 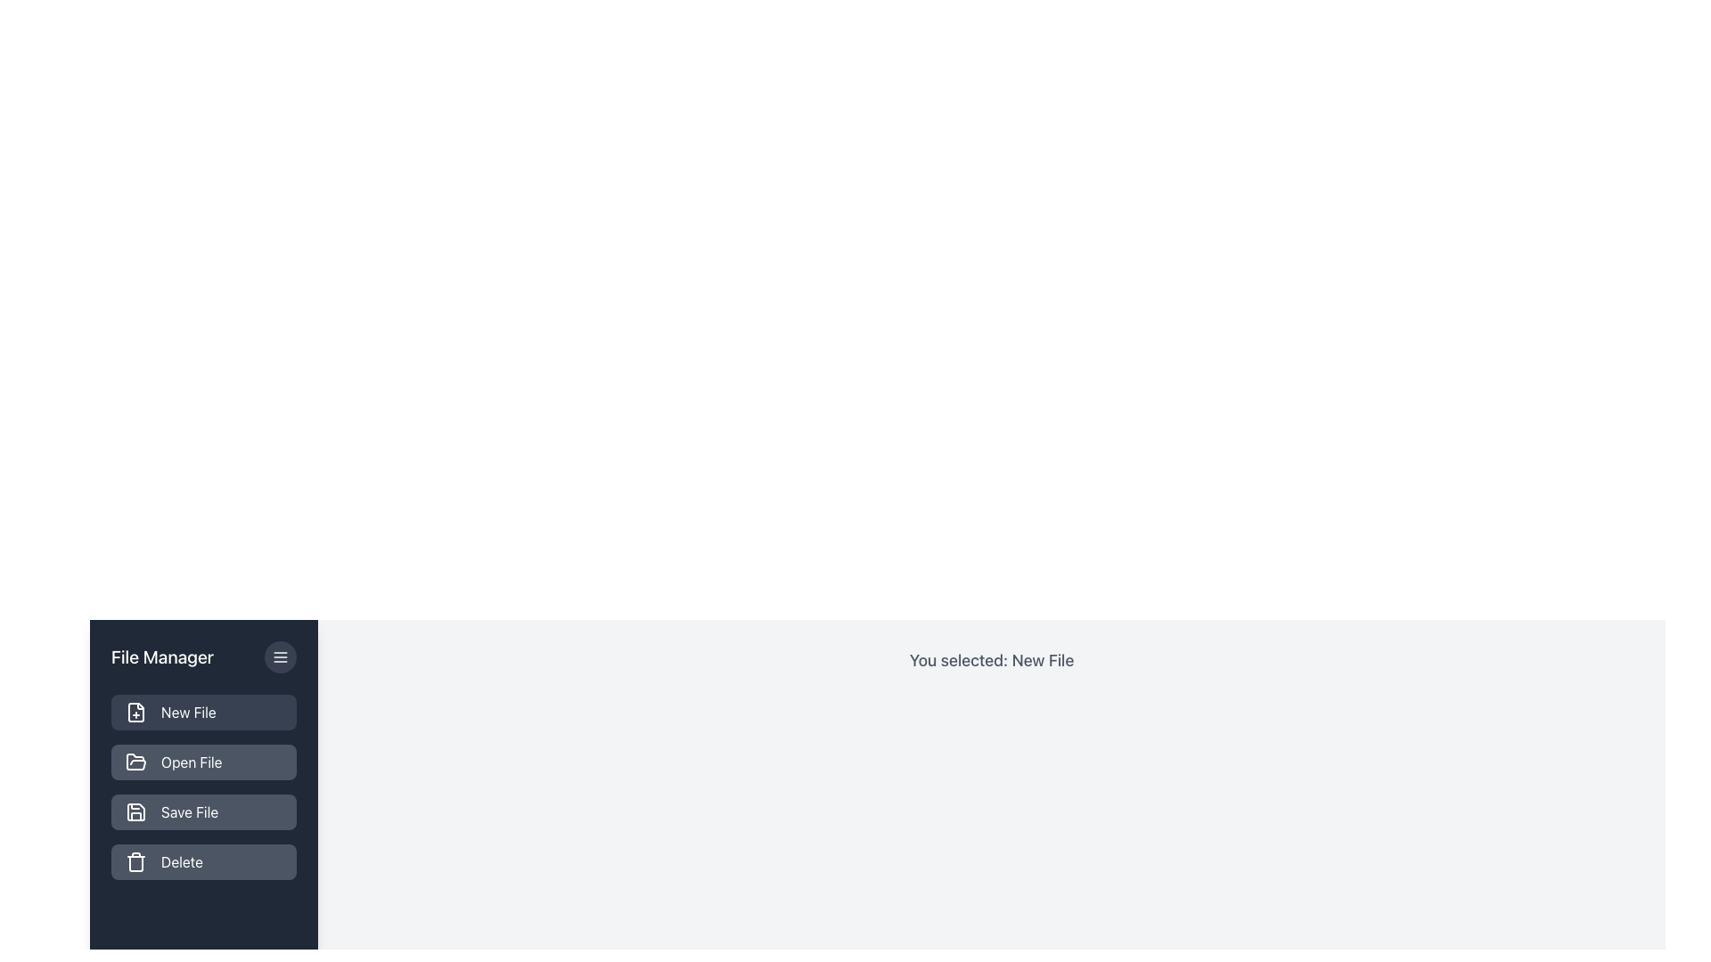 I want to click on the 'New File' button located in the sidebar menu, which is the first button in a vertical list of file actions, so click(x=204, y=711).